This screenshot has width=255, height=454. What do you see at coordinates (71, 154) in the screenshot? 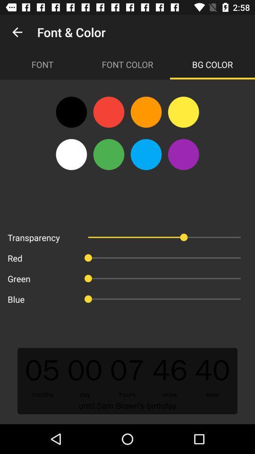
I see `the item above the transparency icon` at bounding box center [71, 154].